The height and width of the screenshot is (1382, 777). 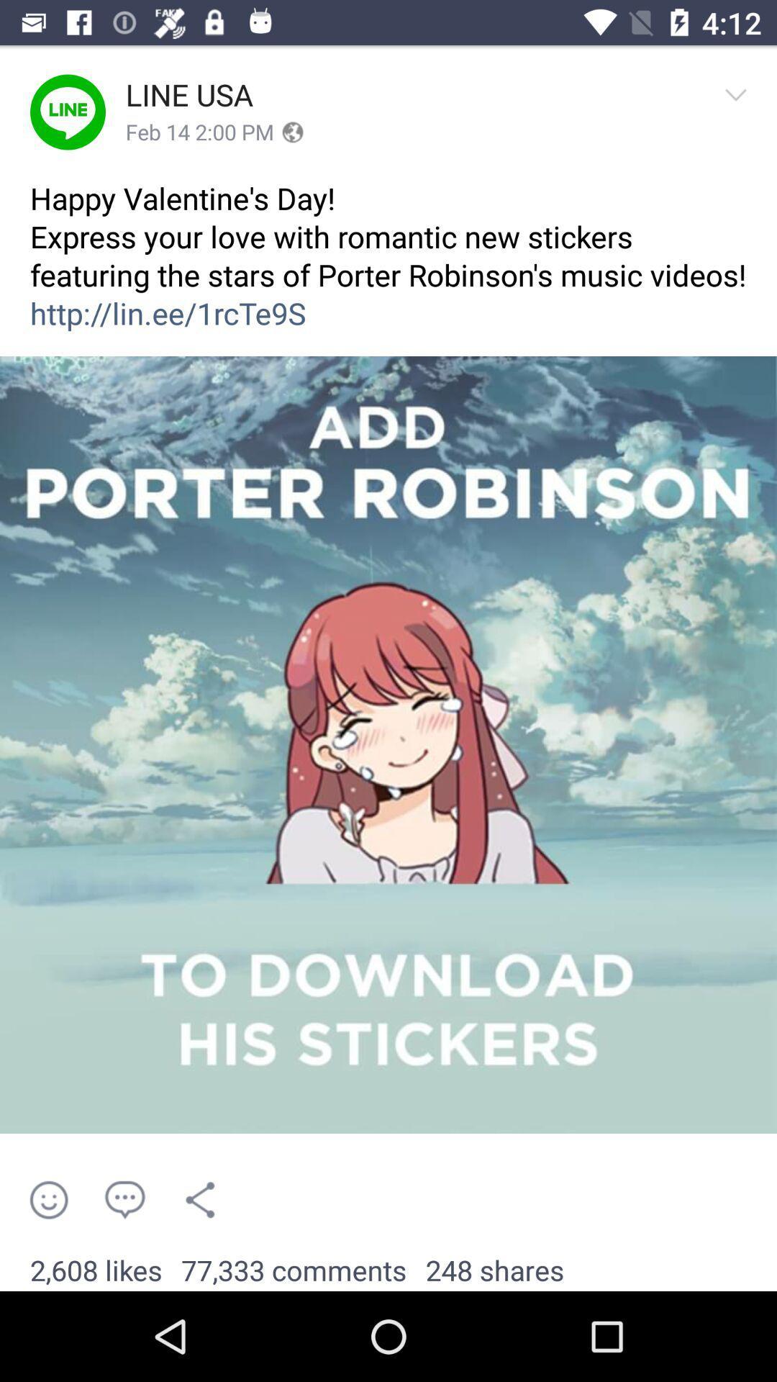 What do you see at coordinates (388, 266) in the screenshot?
I see `happy valentine s item` at bounding box center [388, 266].